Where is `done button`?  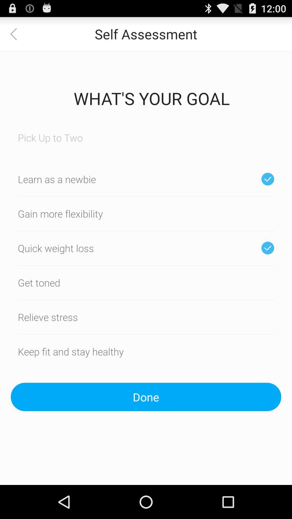
done button is located at coordinates (146, 397).